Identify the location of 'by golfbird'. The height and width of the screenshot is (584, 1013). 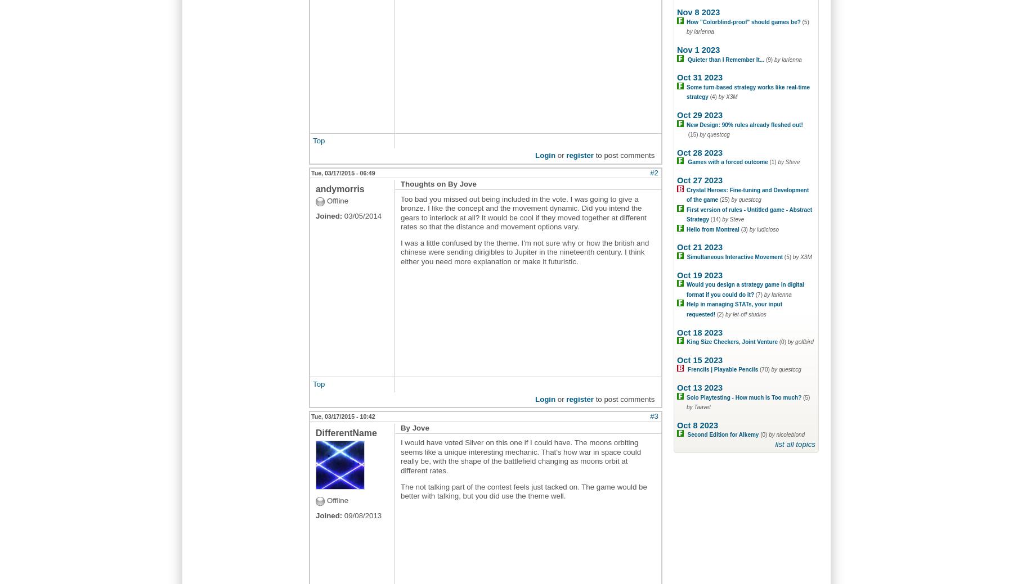
(800, 342).